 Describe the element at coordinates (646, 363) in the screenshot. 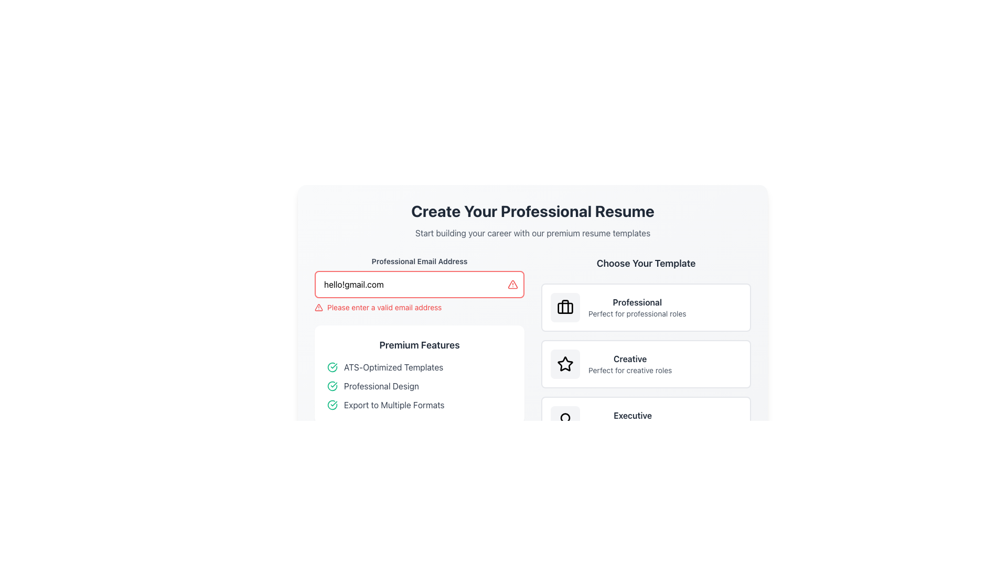

I see `the 'Creative' template category card located in the second position of the grid under the 'Choose Your Template' header` at that location.